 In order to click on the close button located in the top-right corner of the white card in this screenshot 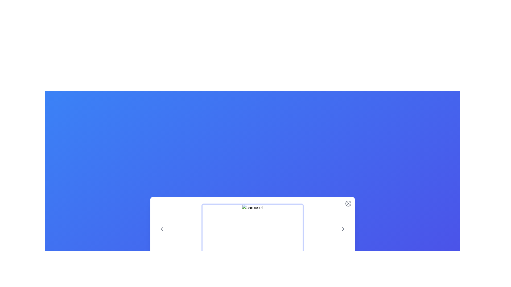, I will do `click(348, 203)`.